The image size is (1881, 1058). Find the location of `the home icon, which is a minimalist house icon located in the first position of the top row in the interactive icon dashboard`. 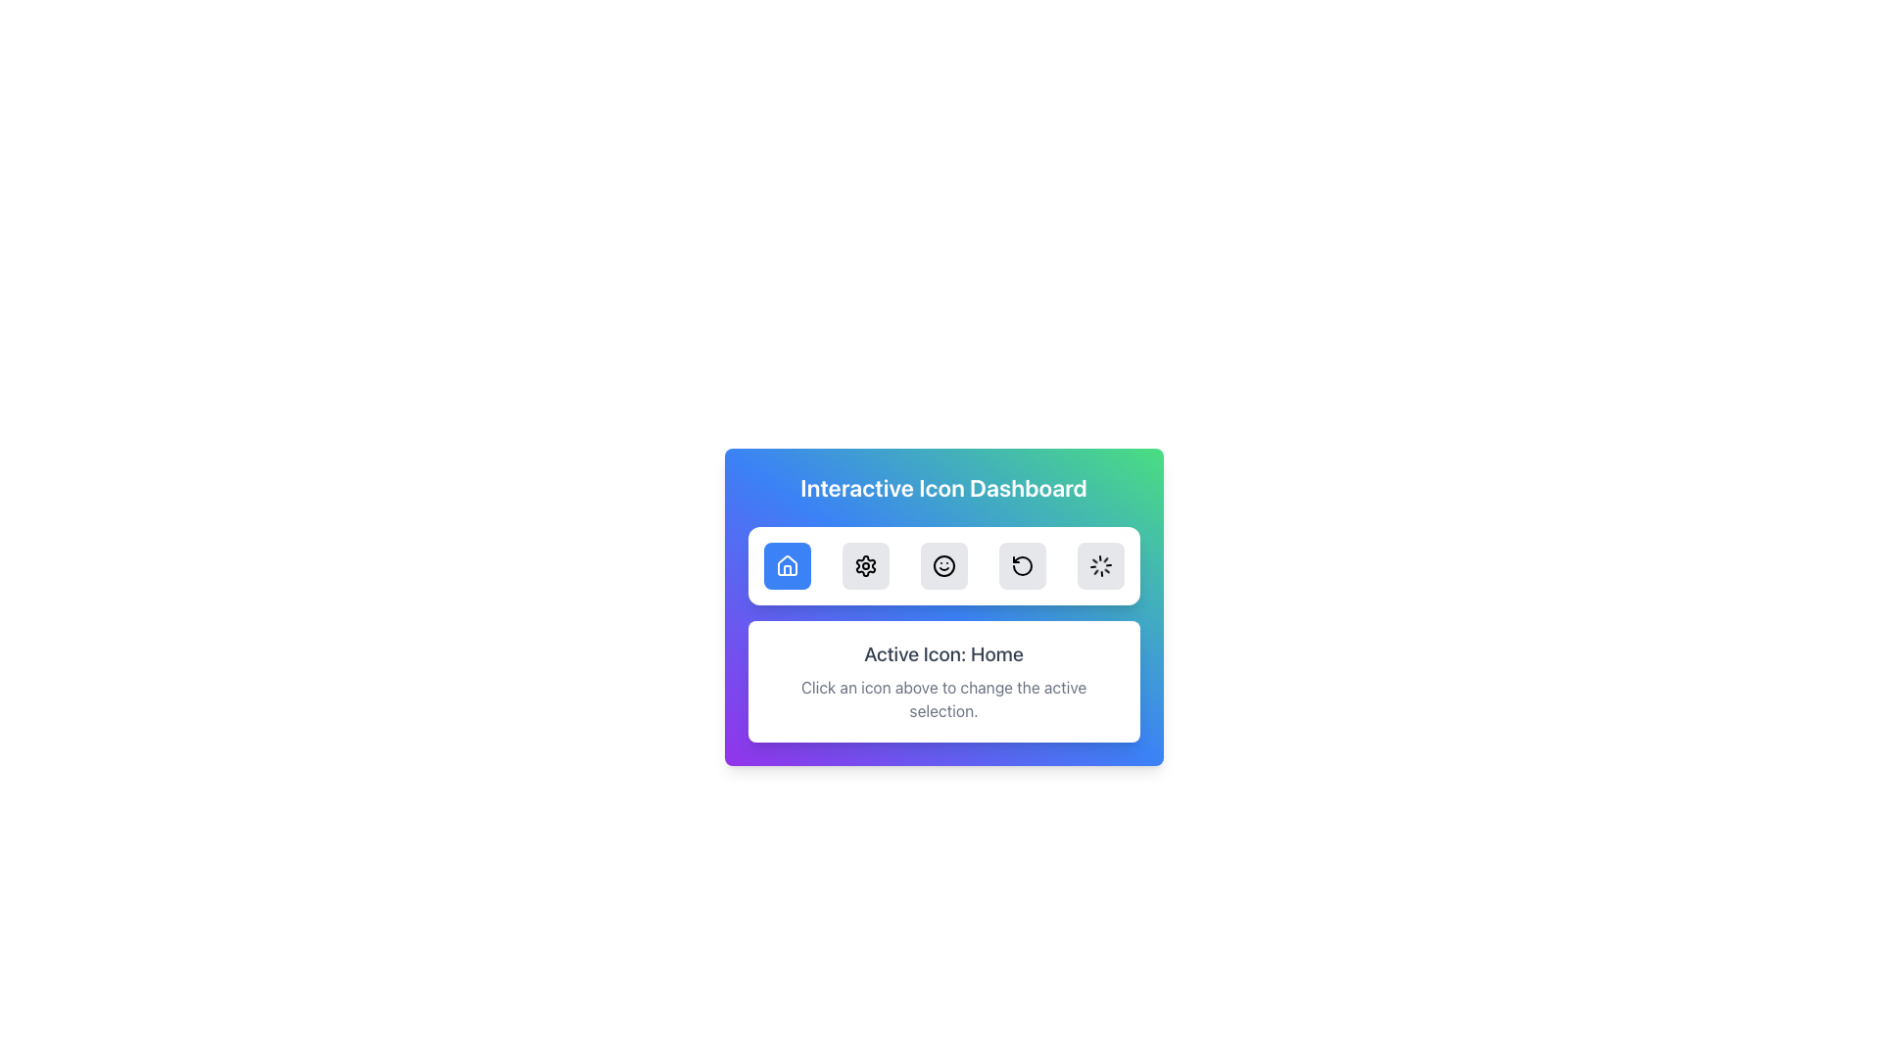

the home icon, which is a minimalist house icon located in the first position of the top row in the interactive icon dashboard is located at coordinates (787, 566).